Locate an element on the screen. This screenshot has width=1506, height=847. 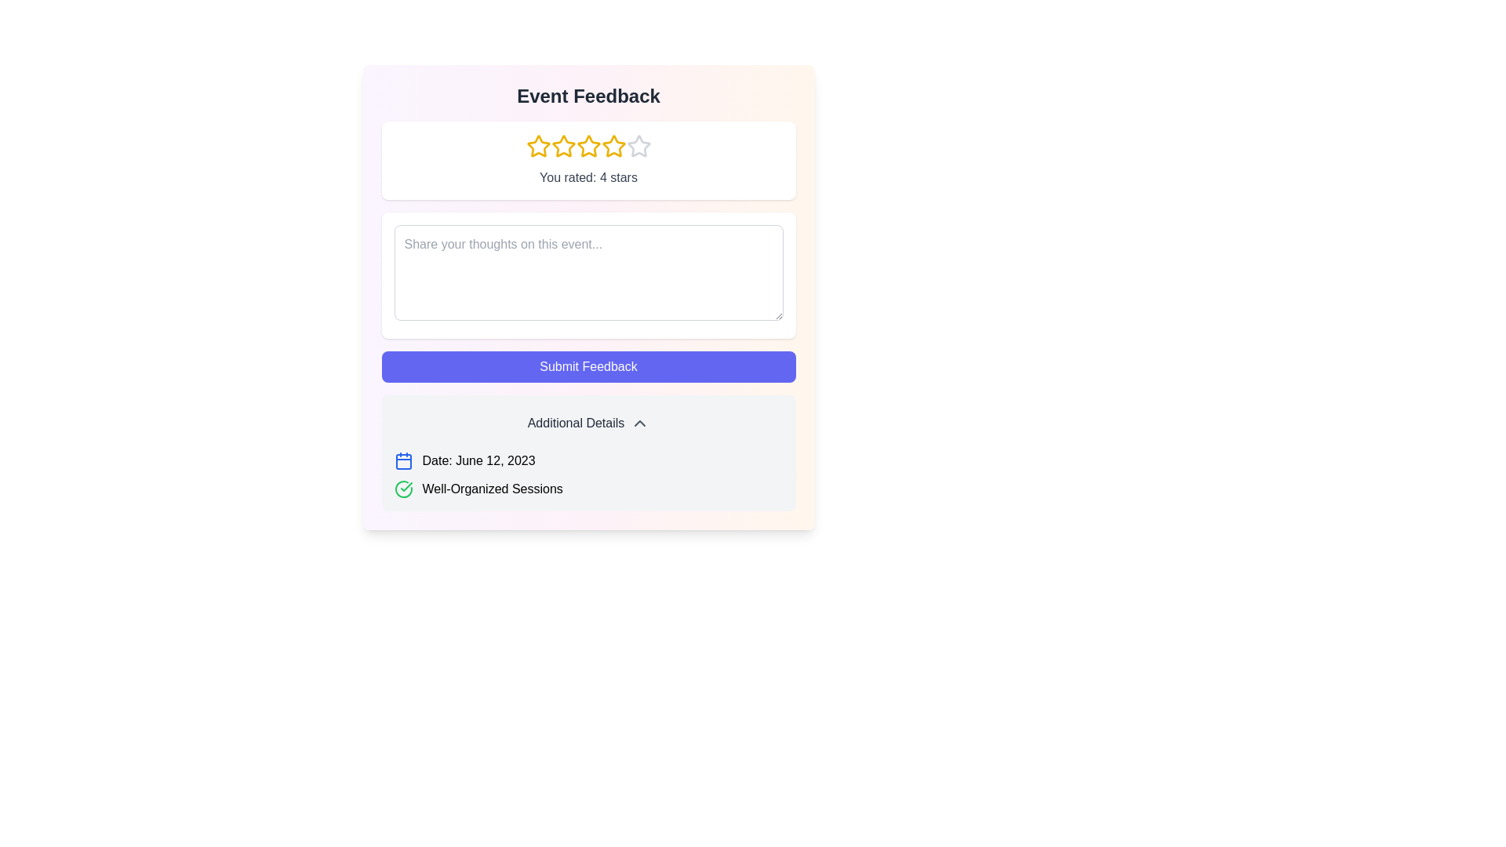
the text label displaying 'Date: June 12, 2023', located to the right of the blue calendar icon in the 'Additional Details' section is located at coordinates (478, 460).